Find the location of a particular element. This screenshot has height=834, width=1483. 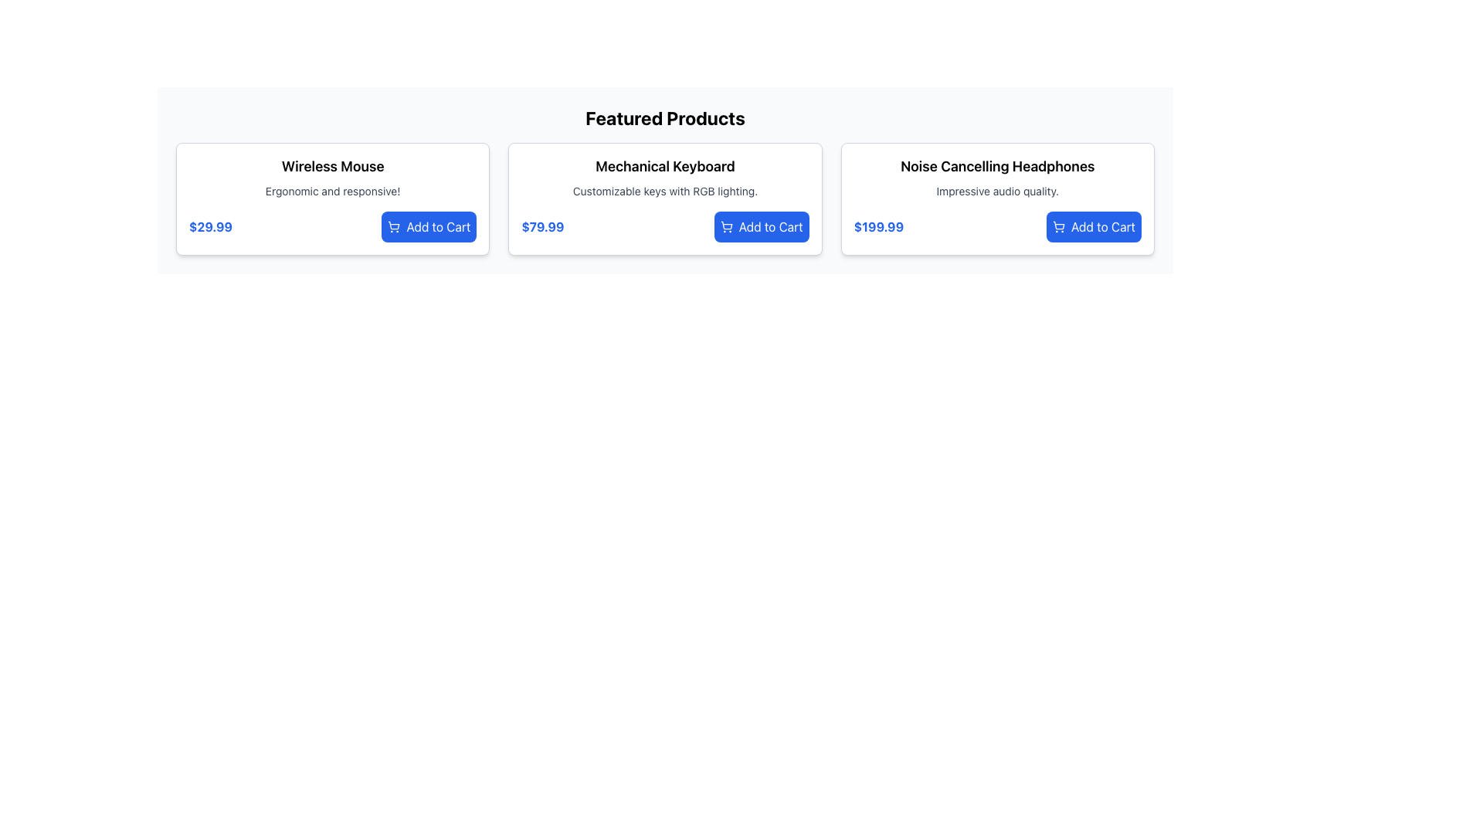

the 'Add to Cart' button located in the bottom right corner of the 'Mechanical Keyboard' product card, following the price label '$79.99' is located at coordinates (762, 226).